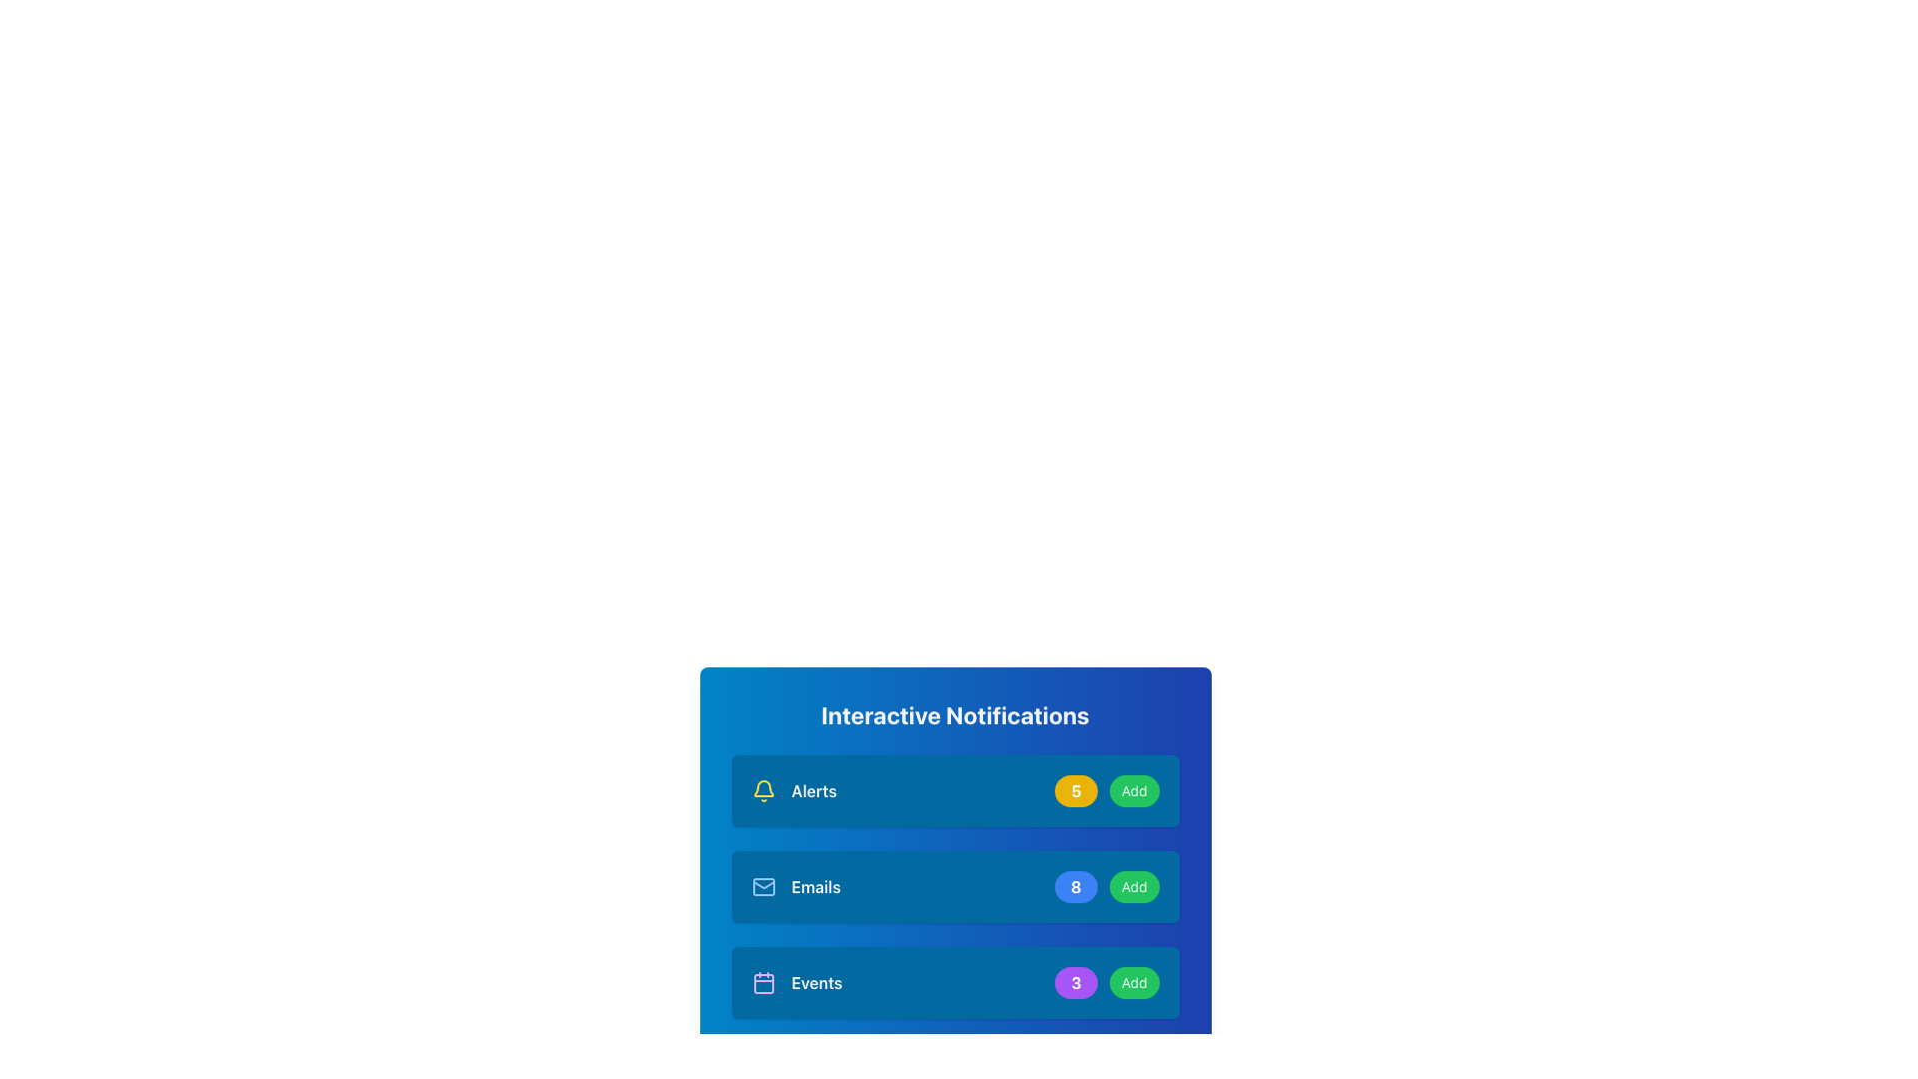  I want to click on notification count displayed on the blue button, which shows the number '8' in white, located to the right of the 'Emails' text within the card-like section, so click(1106, 885).